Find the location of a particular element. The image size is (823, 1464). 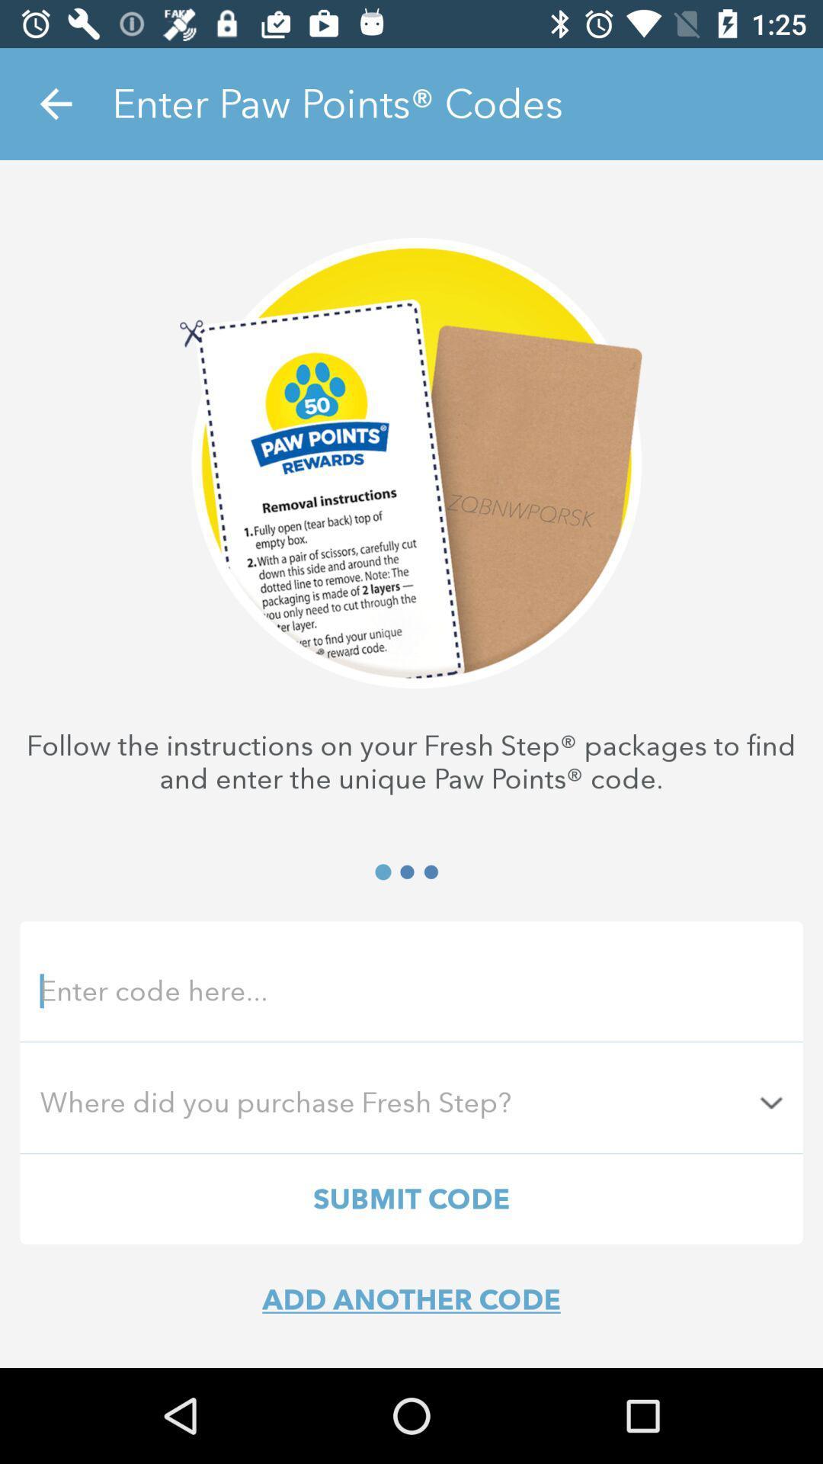

the item at the top left corner is located at coordinates (55, 103).